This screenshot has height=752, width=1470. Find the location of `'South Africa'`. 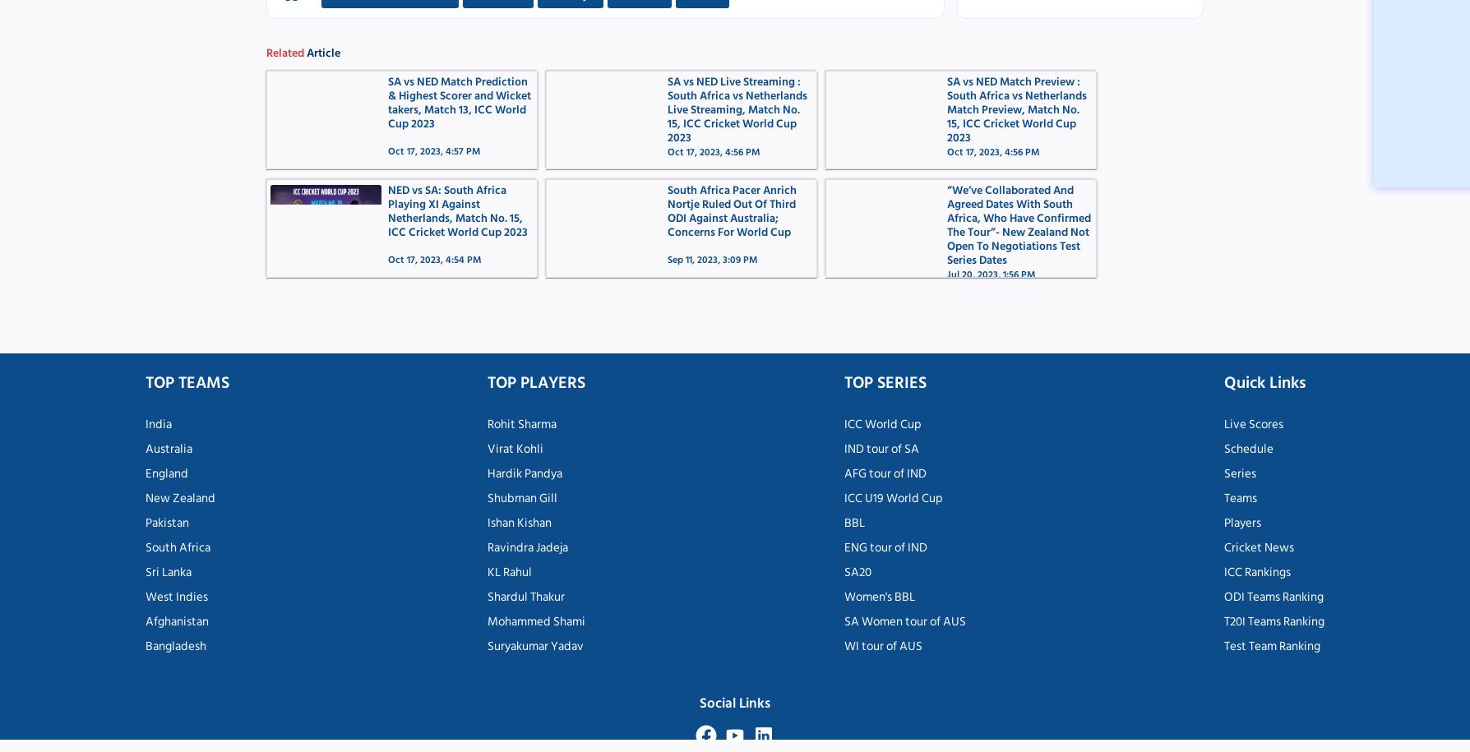

'South Africa' is located at coordinates (178, 546).